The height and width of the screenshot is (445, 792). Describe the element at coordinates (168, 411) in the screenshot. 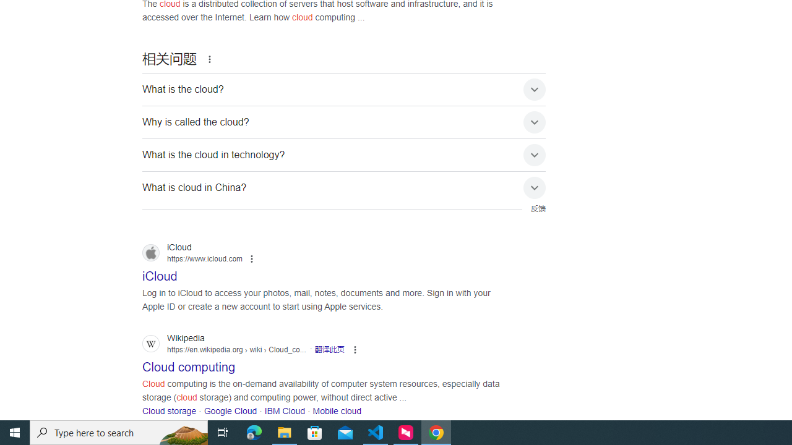

I see `'Cloud storage'` at that location.